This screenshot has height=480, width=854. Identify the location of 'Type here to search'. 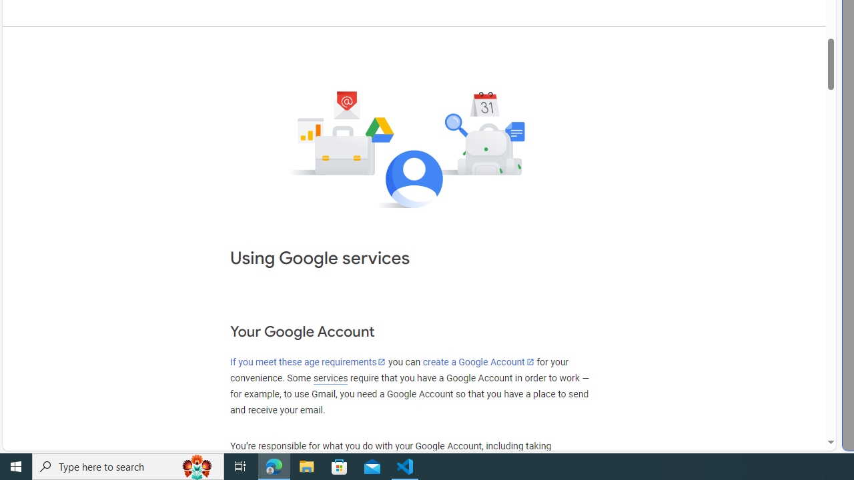
(128, 465).